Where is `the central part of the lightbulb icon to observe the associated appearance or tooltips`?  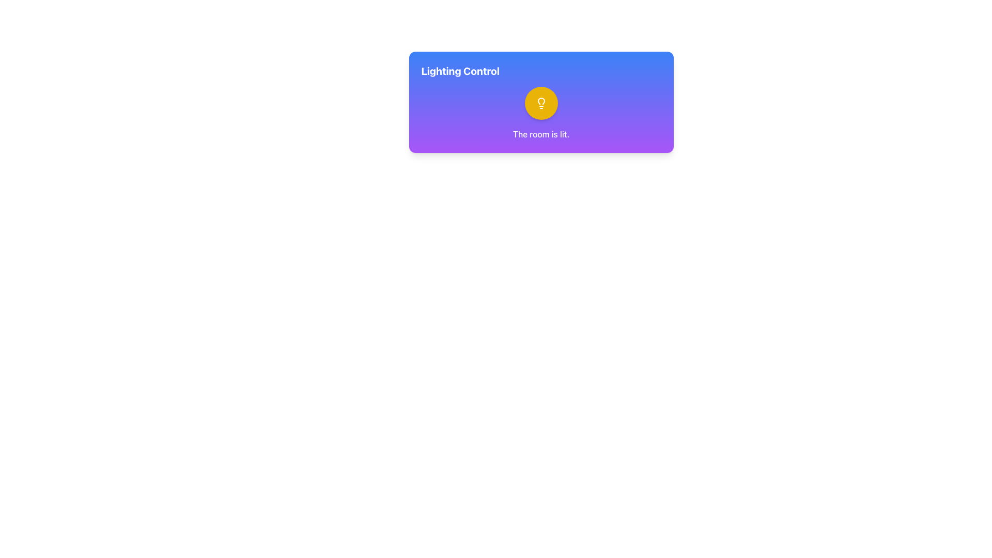 the central part of the lightbulb icon to observe the associated appearance or tooltips is located at coordinates (540, 101).